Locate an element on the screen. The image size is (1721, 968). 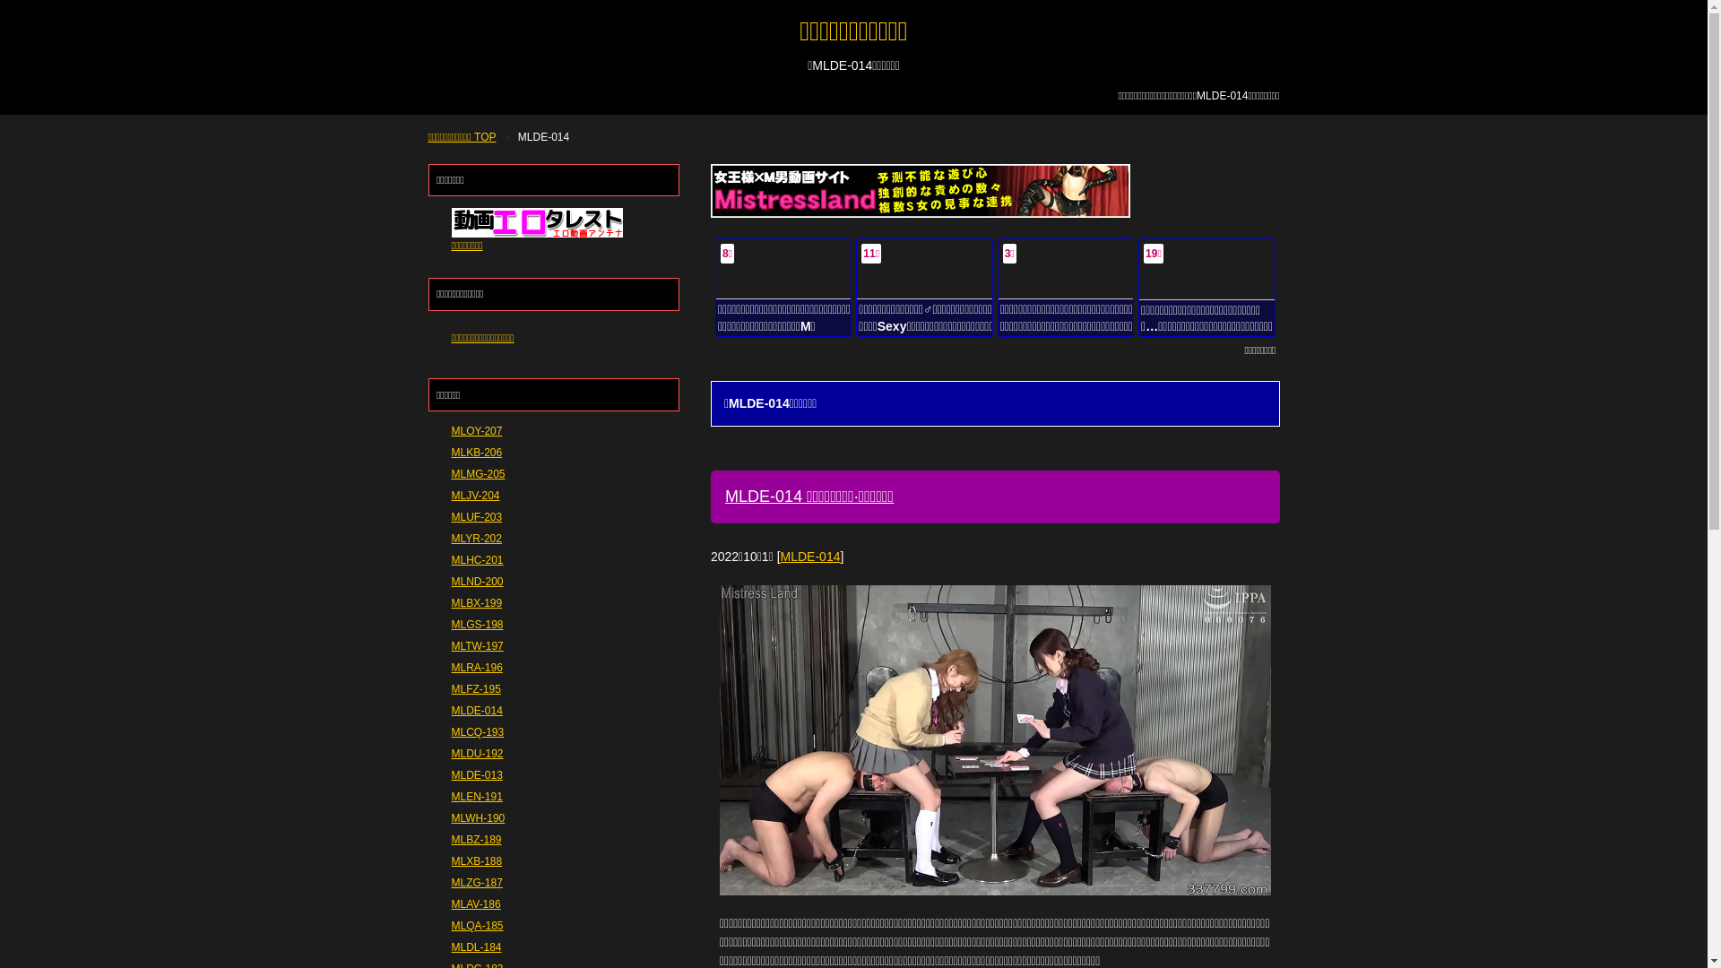
'MLUF-203' is located at coordinates (452, 517).